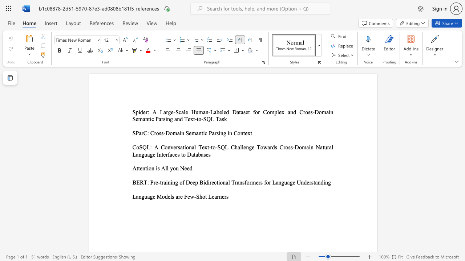 This screenshot has width=465, height=261. I want to click on the subset text "ion i" within the text "Attention is All you Need", so click(146, 168).